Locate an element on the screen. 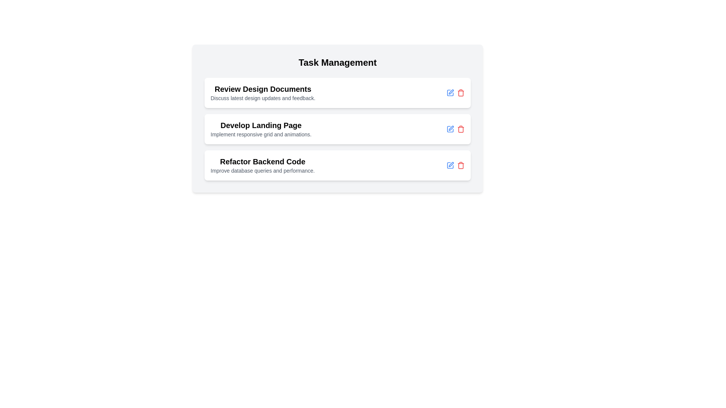  the edit icon located in the upper right section of the 'Review Design Documents' task card, which is styled in blue and positioned to the left of the delete icon is located at coordinates (455, 93).